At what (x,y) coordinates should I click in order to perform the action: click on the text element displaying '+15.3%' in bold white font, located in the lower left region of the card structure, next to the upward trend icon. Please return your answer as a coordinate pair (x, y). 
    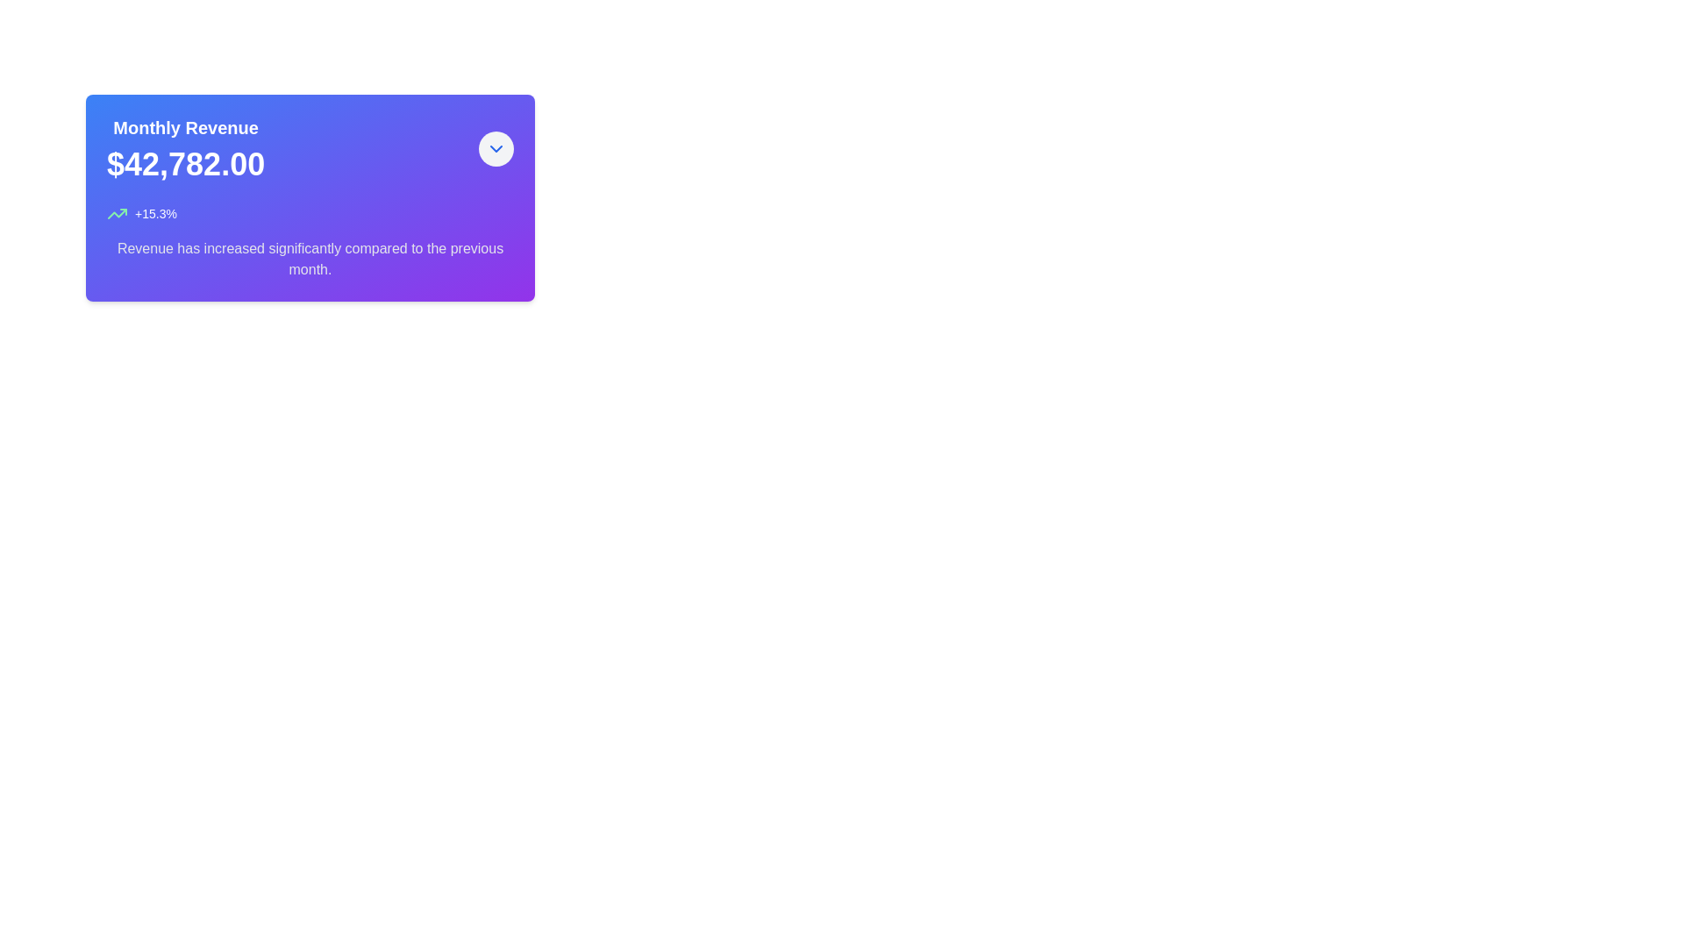
    Looking at the image, I should click on (155, 212).